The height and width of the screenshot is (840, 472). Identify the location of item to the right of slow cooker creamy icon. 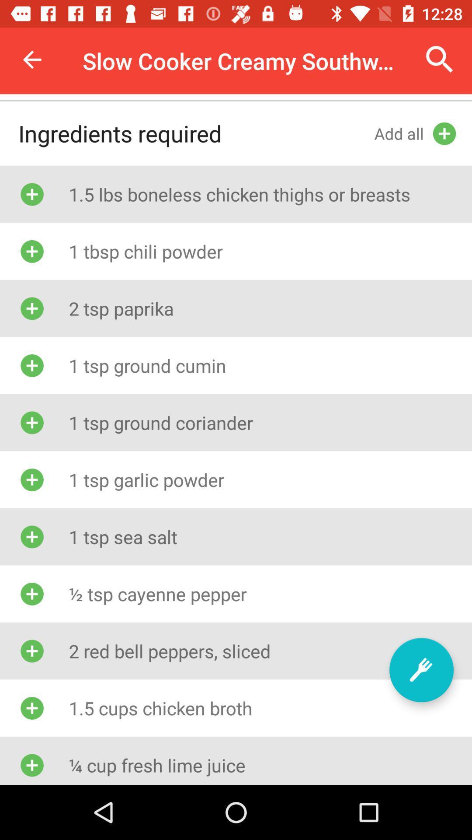
(440, 59).